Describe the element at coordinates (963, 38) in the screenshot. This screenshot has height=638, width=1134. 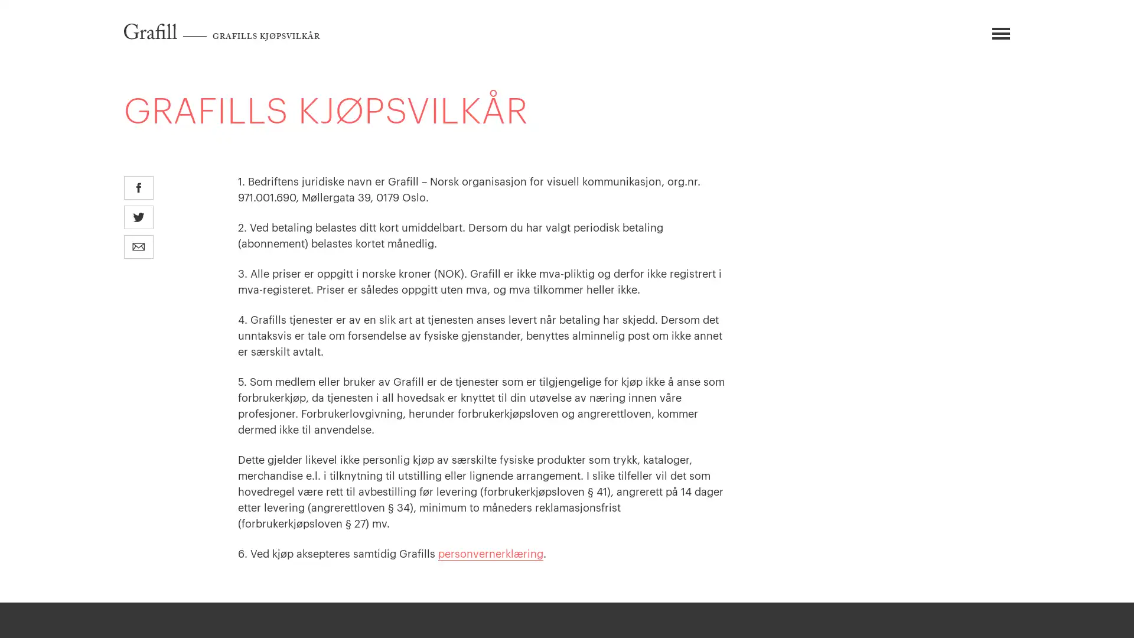
I see `Sk` at that location.